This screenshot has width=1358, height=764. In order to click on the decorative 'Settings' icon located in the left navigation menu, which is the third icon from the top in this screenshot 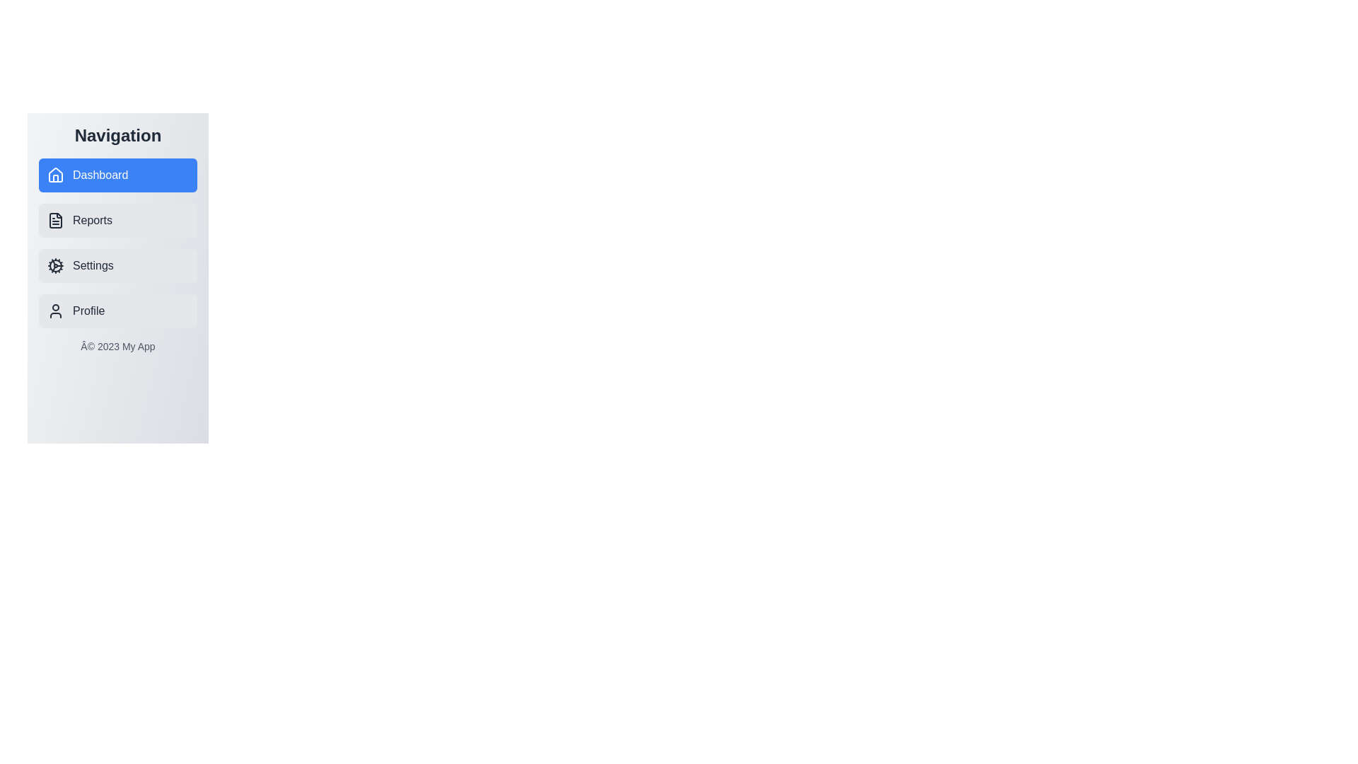, I will do `click(55, 265)`.